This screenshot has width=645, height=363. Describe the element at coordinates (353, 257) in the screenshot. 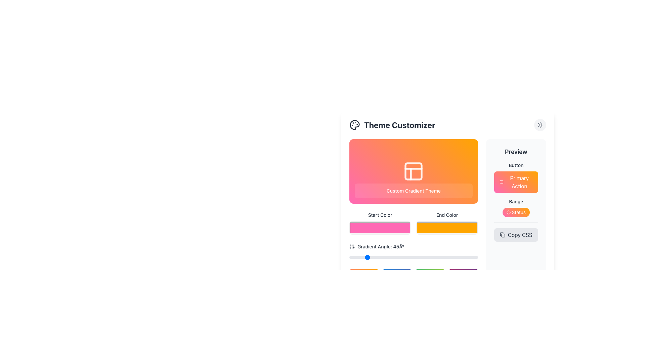

I see `the gradient angle` at that location.